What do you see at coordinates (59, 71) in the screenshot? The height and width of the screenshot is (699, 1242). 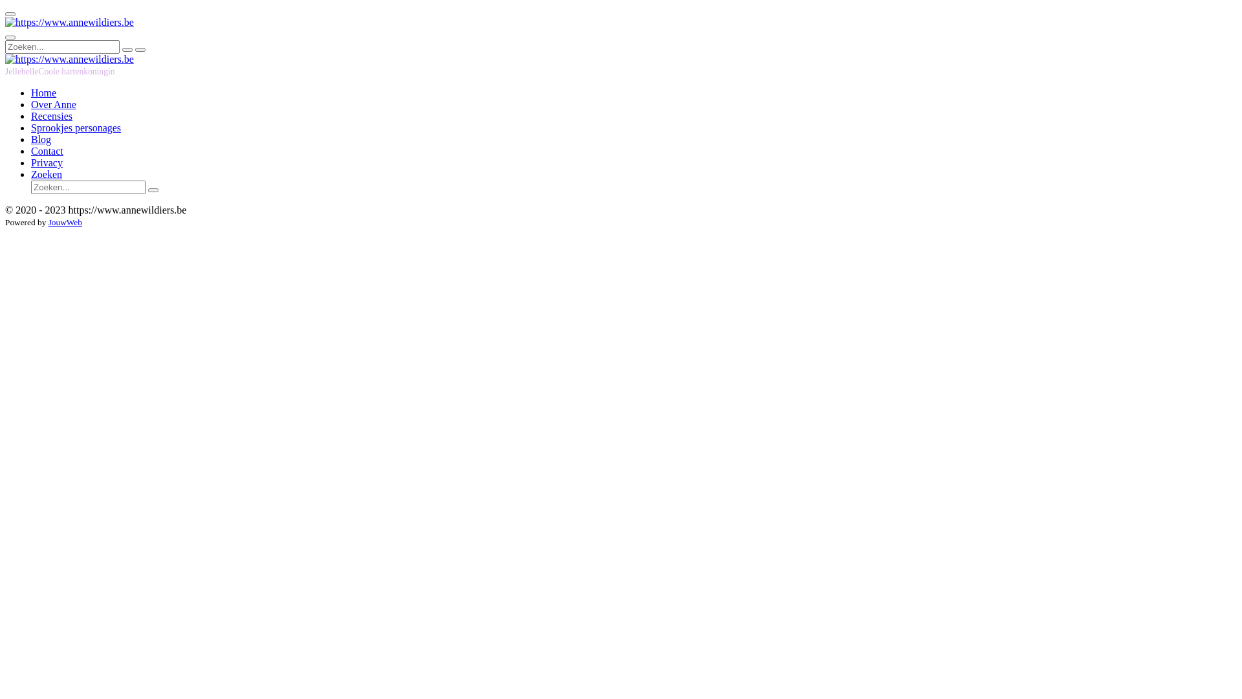 I see `'JellebelleCoole hartenkoningin'` at bounding box center [59, 71].